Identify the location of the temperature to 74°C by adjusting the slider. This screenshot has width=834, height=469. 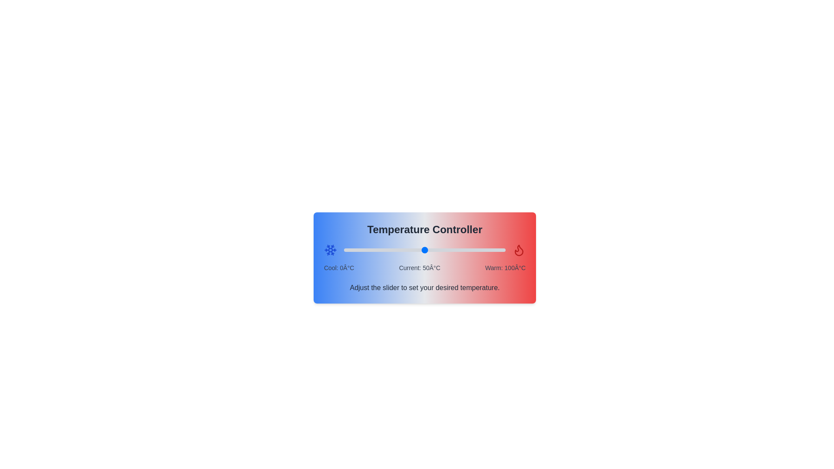
(463, 250).